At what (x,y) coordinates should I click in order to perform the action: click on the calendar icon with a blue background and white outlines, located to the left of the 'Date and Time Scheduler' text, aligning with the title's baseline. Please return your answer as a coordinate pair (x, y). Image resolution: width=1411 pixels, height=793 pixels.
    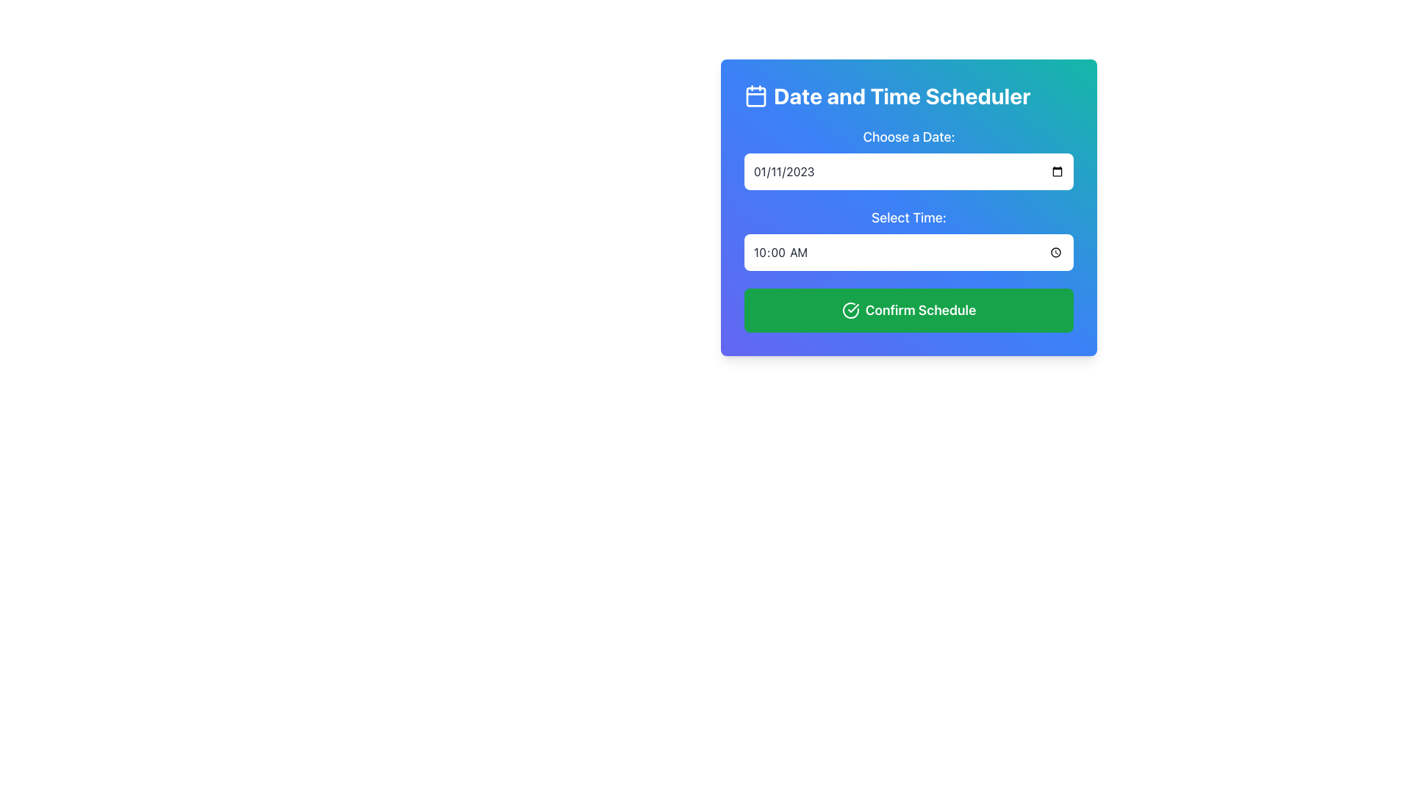
    Looking at the image, I should click on (755, 96).